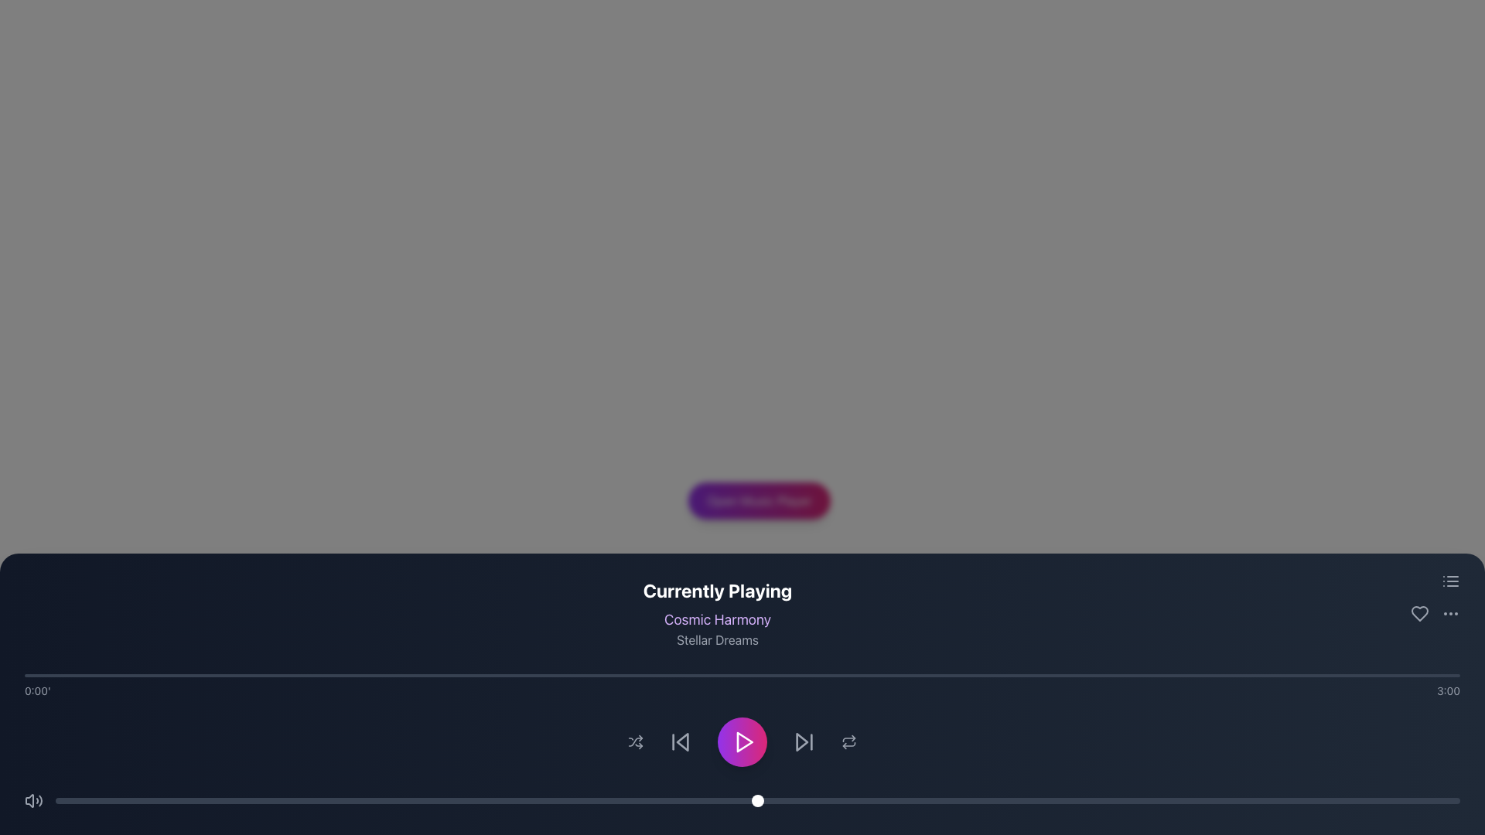 This screenshot has width=1485, height=835. What do you see at coordinates (742, 685) in the screenshot?
I see `the Progress bar that visually represents the current progress through a media track, located near the bottom section of the display, directly above the playback controls` at bounding box center [742, 685].